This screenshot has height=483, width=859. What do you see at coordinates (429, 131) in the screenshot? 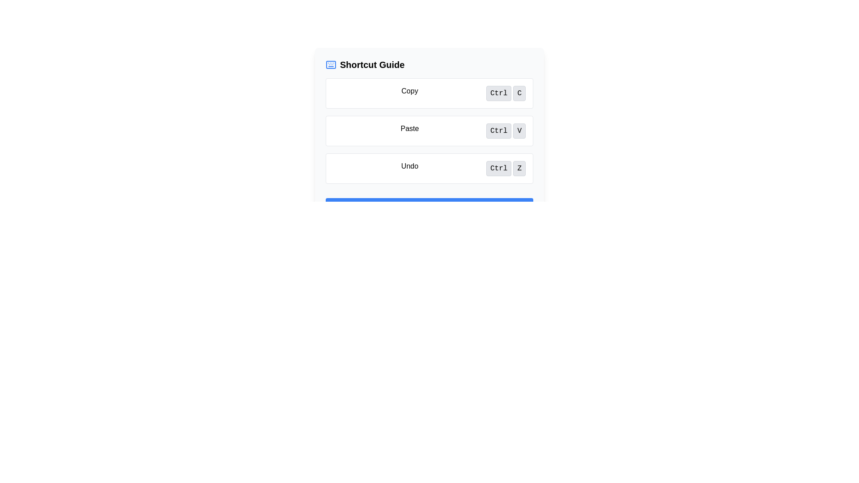
I see `description of the 'Paste' functionality and its associated shortcut 'Ctrl V' from the second informational block in the vertical list of shortcut guides` at bounding box center [429, 131].